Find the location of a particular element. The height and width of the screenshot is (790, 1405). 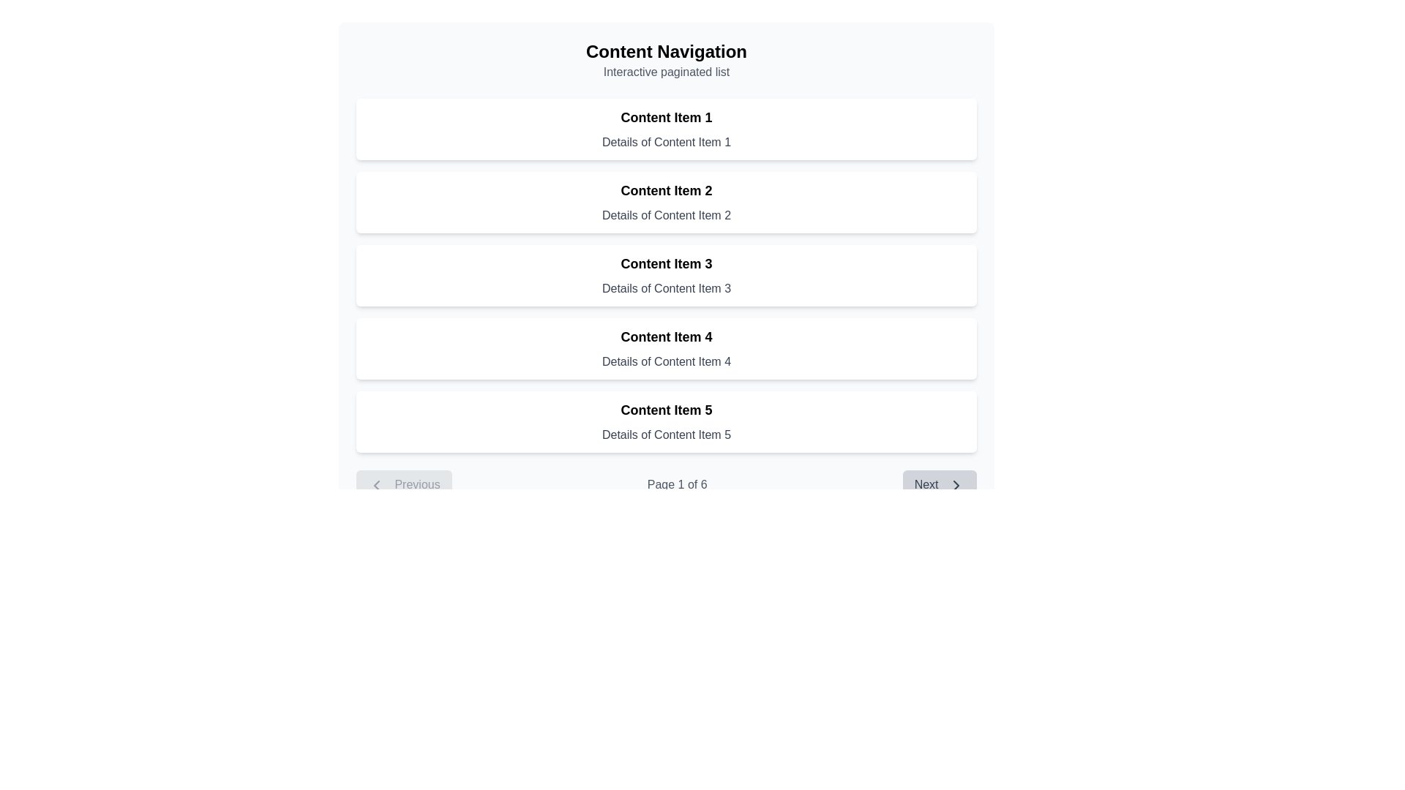

the leftward-pointing chevron icon, which is the first icon in the 'Previous' button located in the bottom-left corner of the paginated content navigation interface is located at coordinates (376, 485).